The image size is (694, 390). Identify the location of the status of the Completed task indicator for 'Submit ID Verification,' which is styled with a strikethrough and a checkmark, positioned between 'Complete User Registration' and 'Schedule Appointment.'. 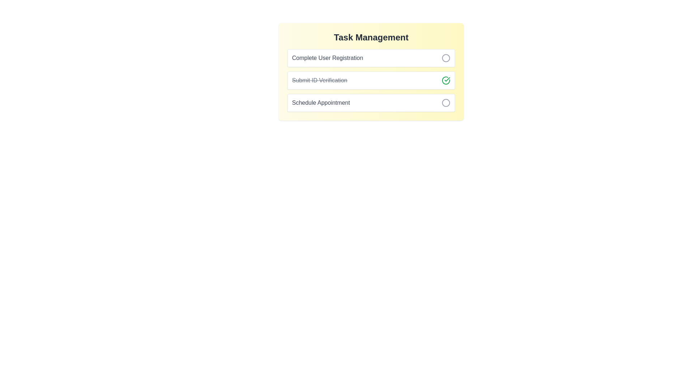
(371, 81).